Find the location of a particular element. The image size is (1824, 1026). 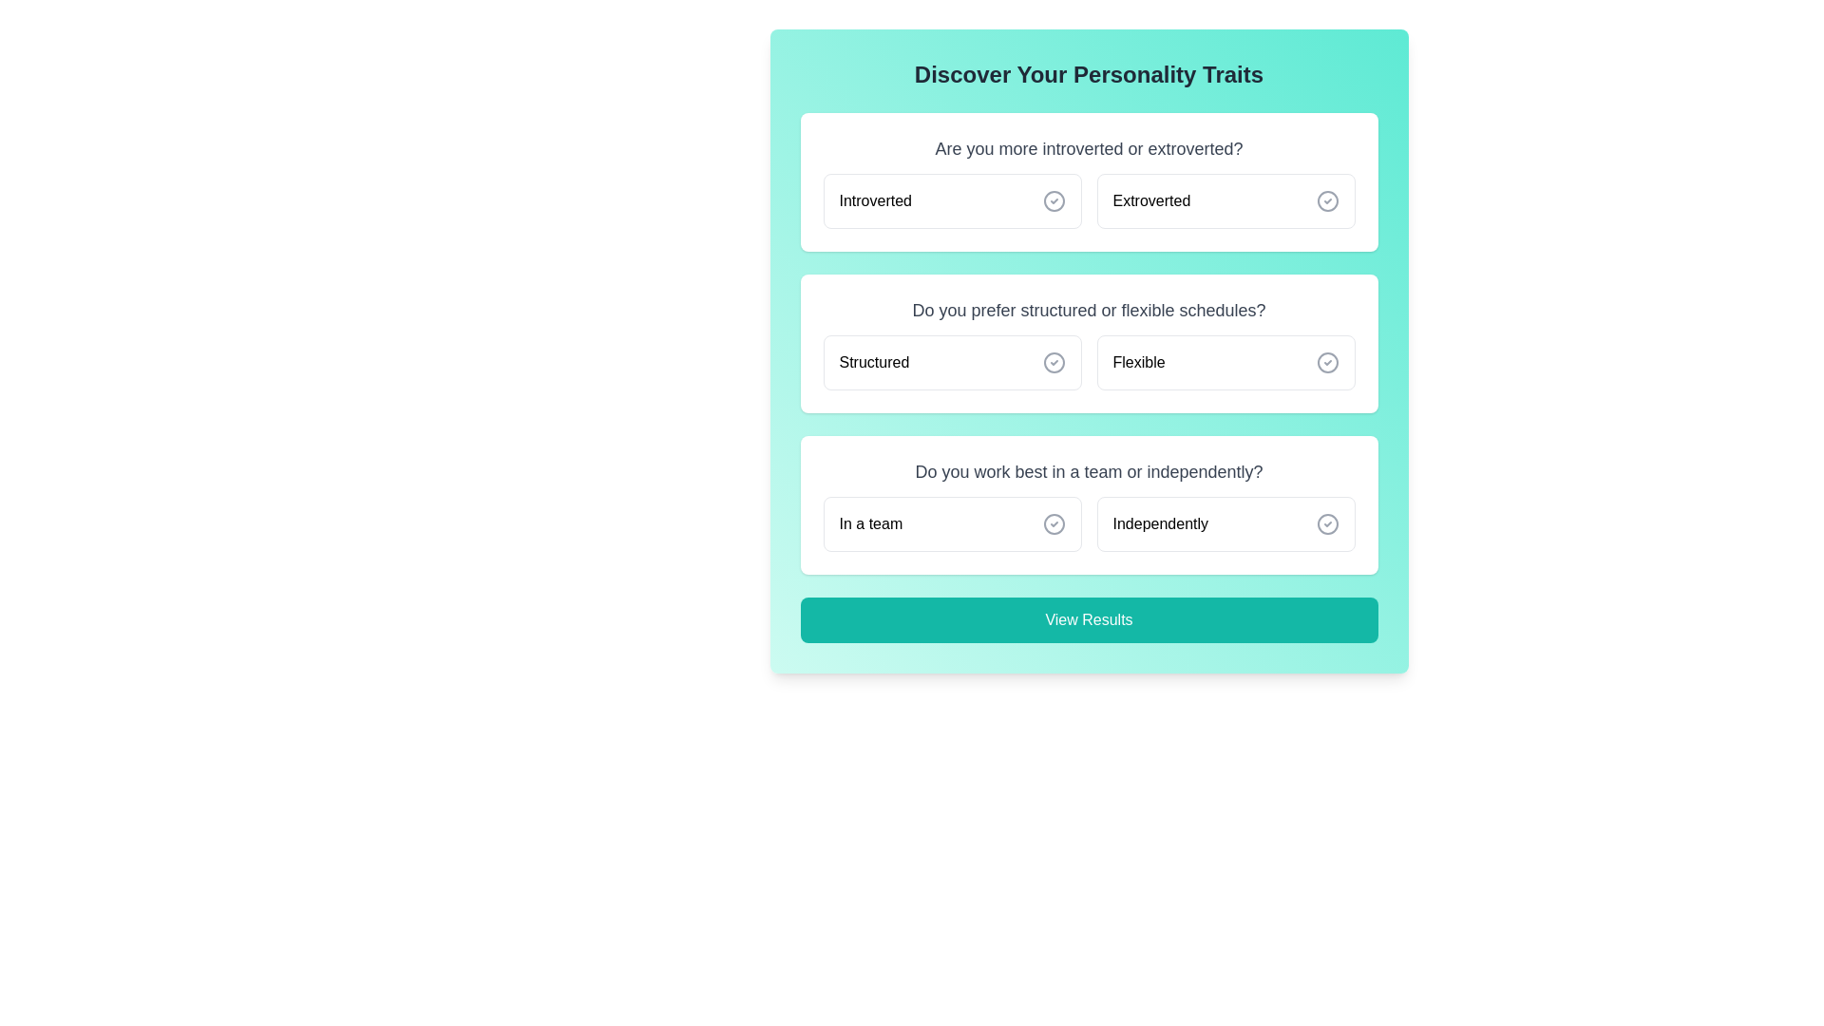

the 'Extroverted' option button, which is the second choice in the layout of the section labeled 'Are you more introverted or extroverted?' is located at coordinates (1225, 201).